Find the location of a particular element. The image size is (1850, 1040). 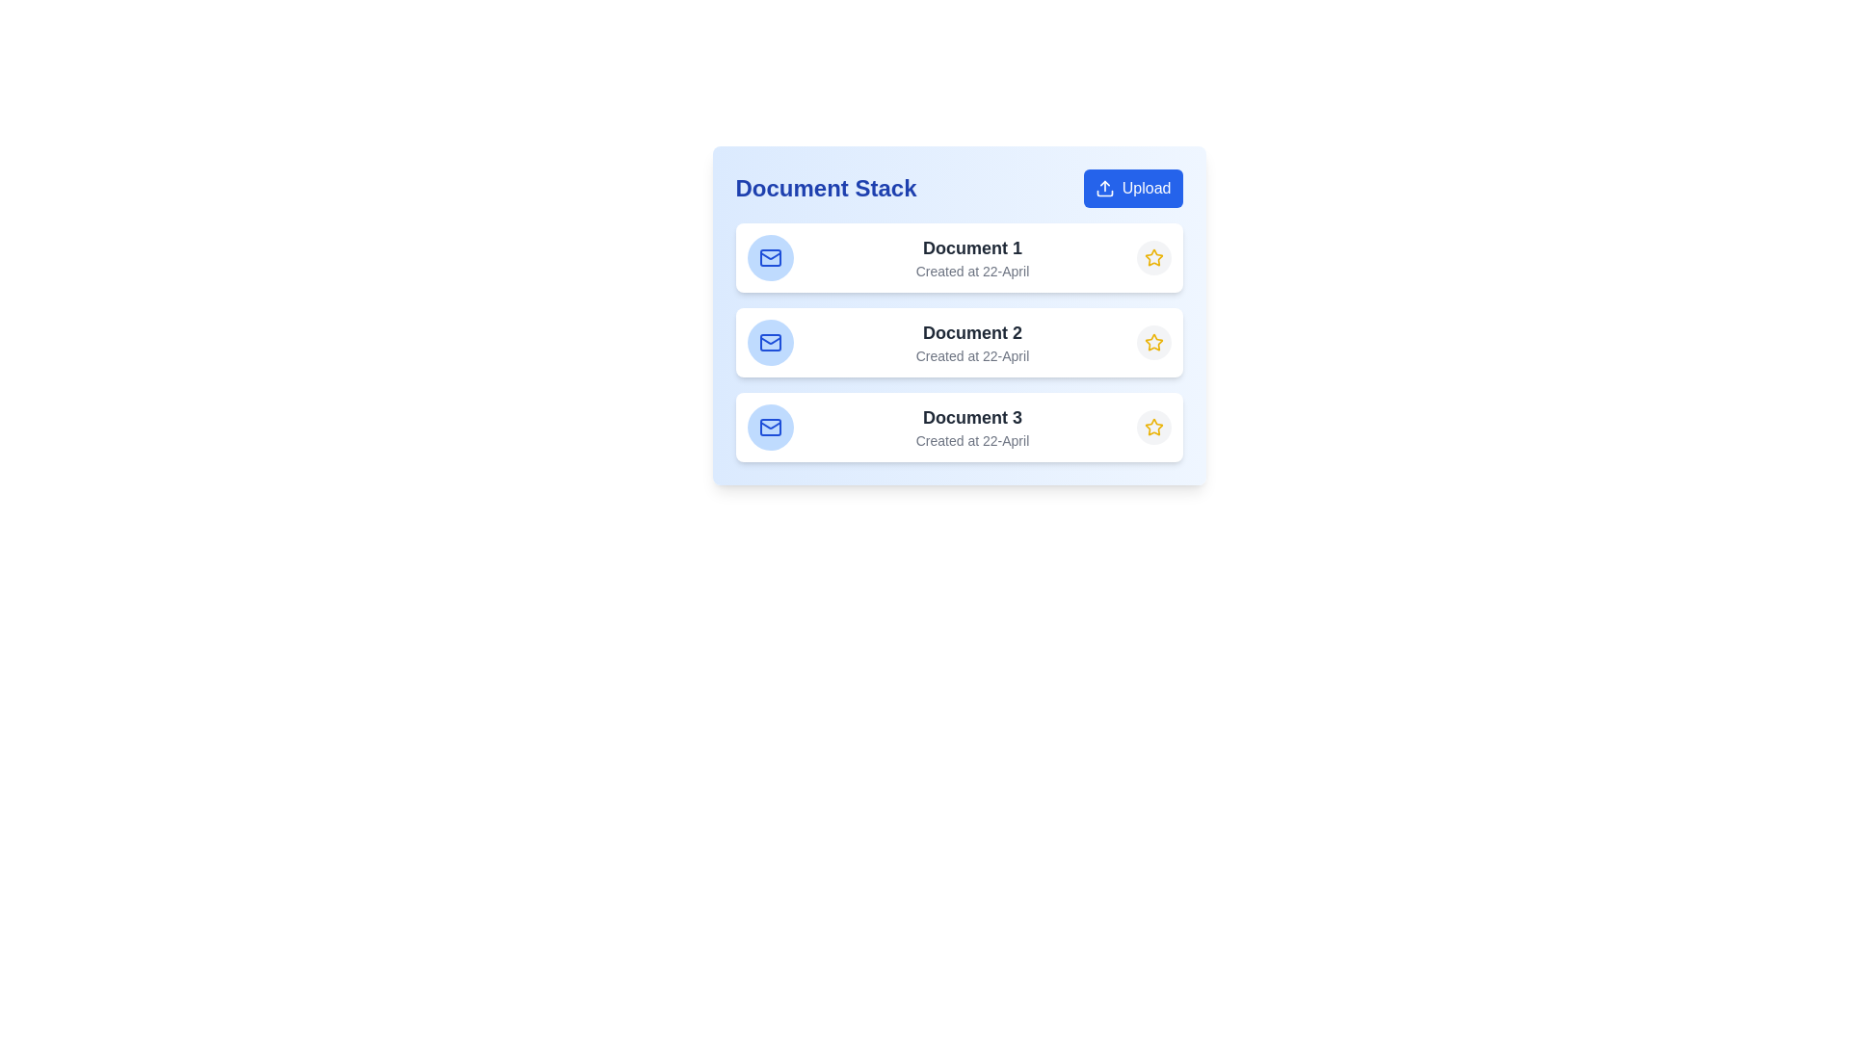

the decorative rectangle with rounded corners located centrally within the envelope-shaped icon, which is the first icon representing Document 1 is located at coordinates (769, 341).